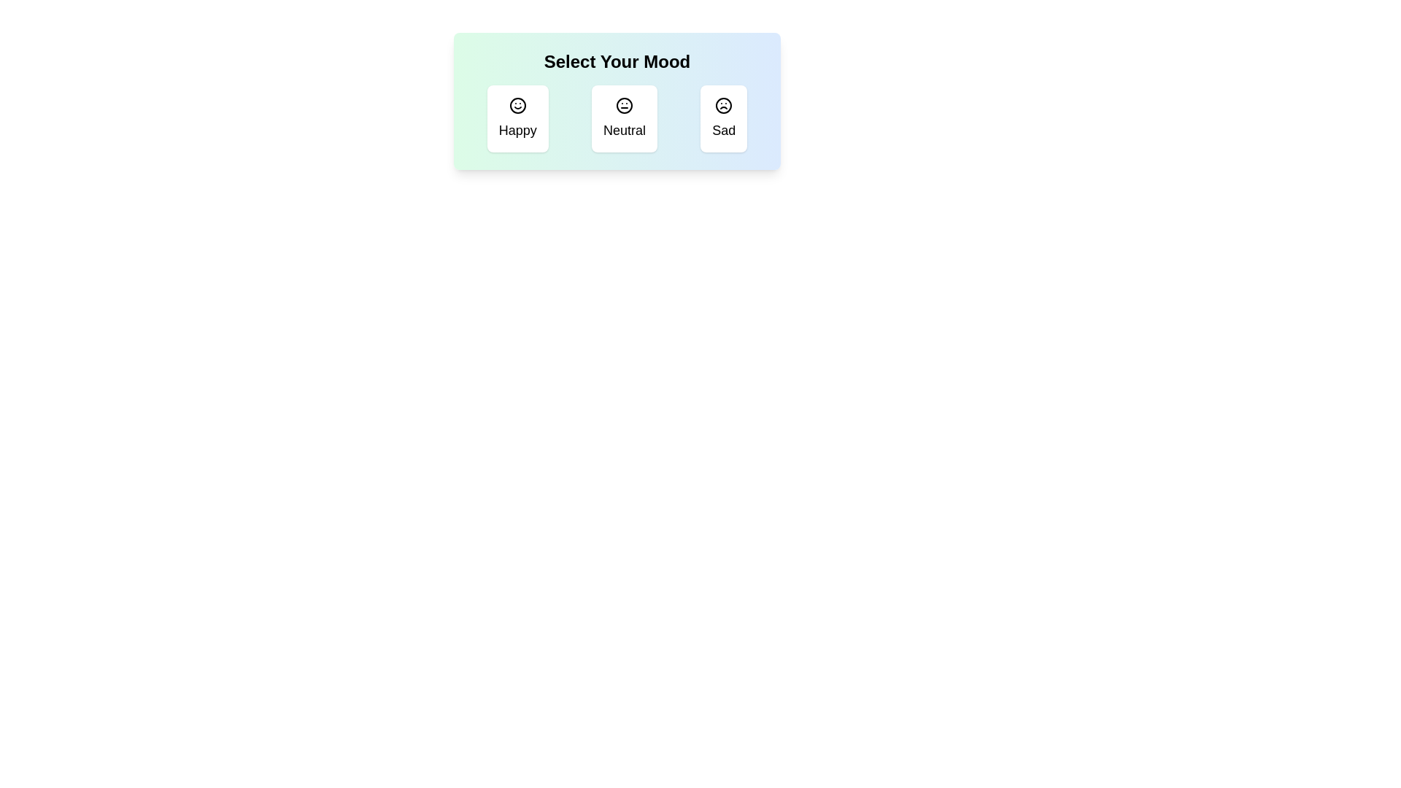  I want to click on the mood icon corresponding to Neutral to toggle its selection, so click(623, 117).